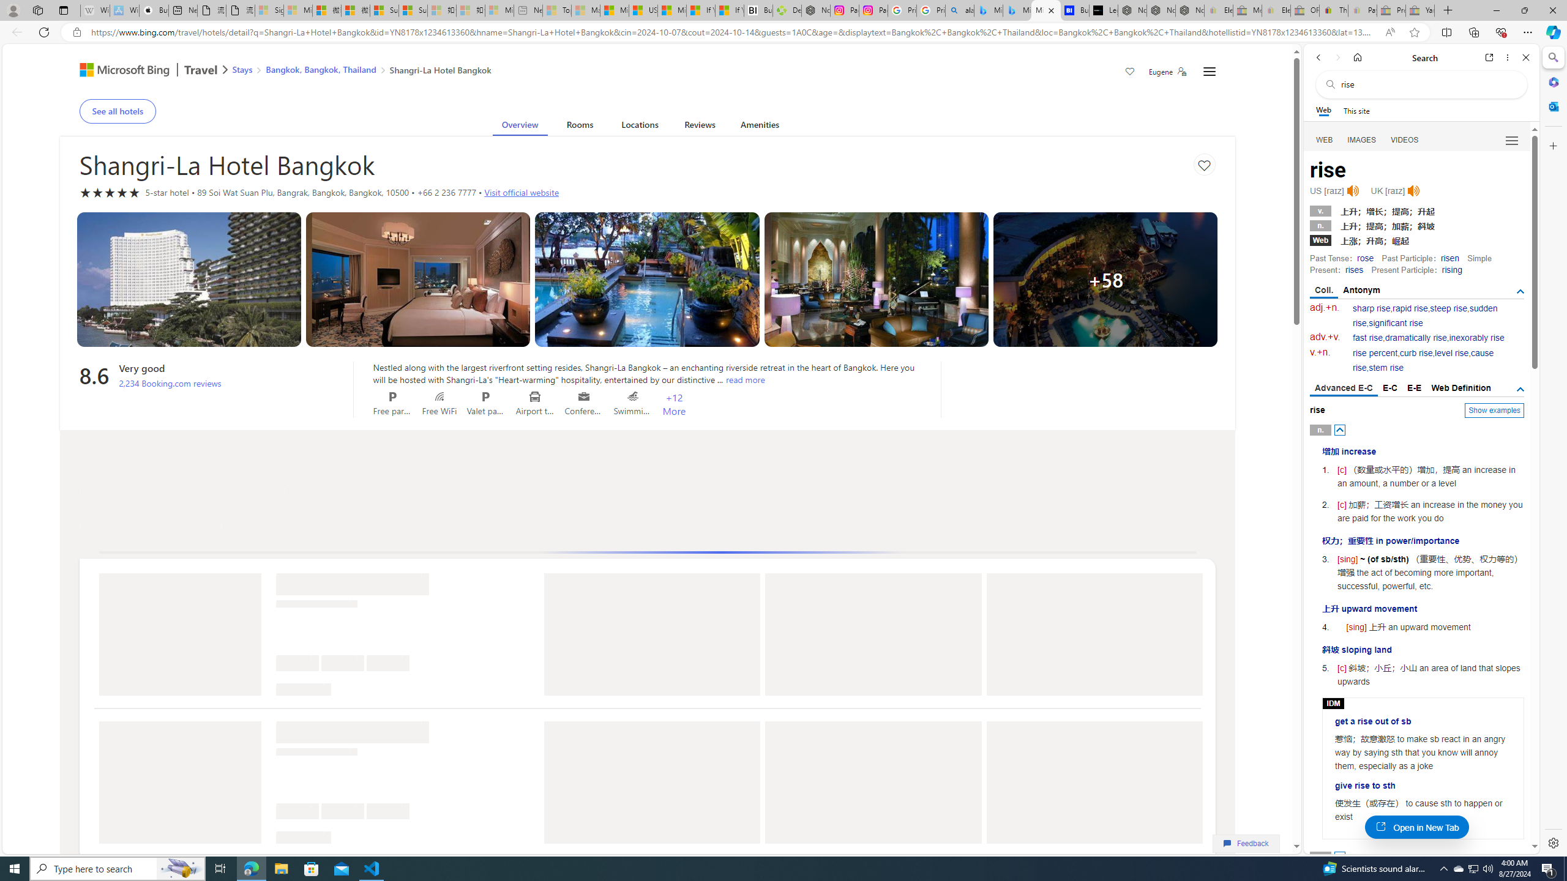 The width and height of the screenshot is (1567, 881). I want to click on 'Hotel room image + 58', so click(1105, 278).